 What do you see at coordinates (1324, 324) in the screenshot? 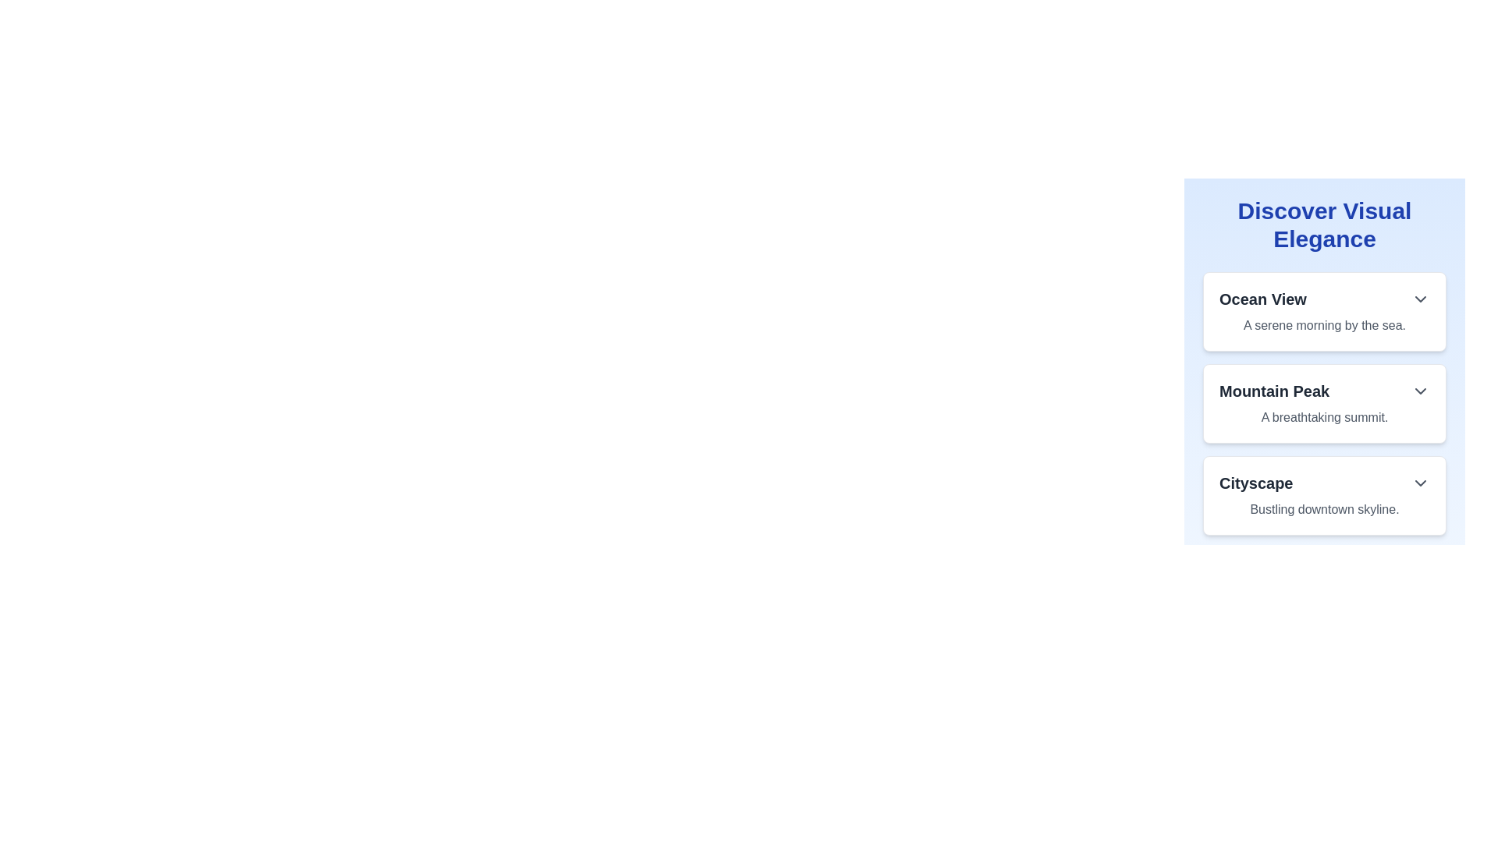
I see `descriptive text located at the bottom of the 'Ocean View' card, which provides context for the title` at bounding box center [1324, 324].